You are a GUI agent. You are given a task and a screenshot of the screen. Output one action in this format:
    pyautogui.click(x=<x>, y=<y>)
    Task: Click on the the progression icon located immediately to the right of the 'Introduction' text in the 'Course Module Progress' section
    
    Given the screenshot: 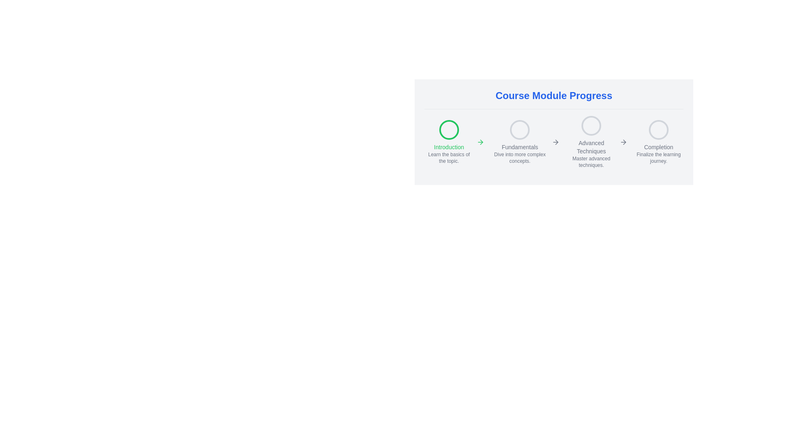 What is the action you would take?
    pyautogui.click(x=480, y=142)
    